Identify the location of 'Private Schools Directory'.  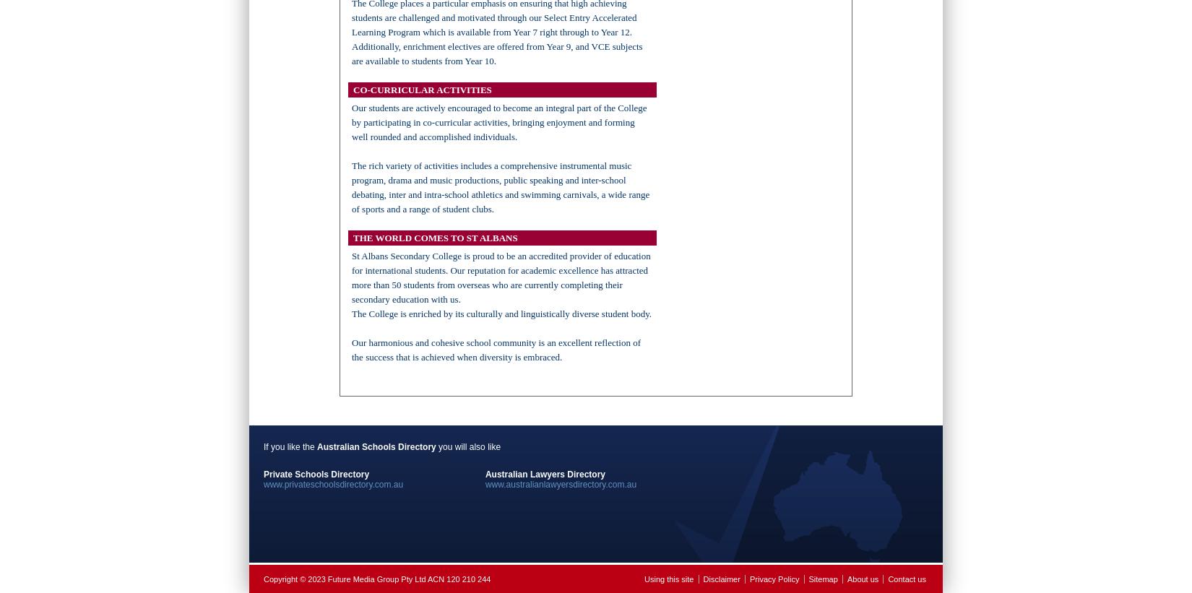
(316, 473).